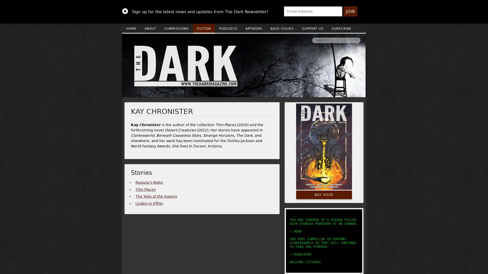 This screenshot has height=274, width=488. Describe the element at coordinates (280, 40) in the screenshot. I see `Search` at that location.